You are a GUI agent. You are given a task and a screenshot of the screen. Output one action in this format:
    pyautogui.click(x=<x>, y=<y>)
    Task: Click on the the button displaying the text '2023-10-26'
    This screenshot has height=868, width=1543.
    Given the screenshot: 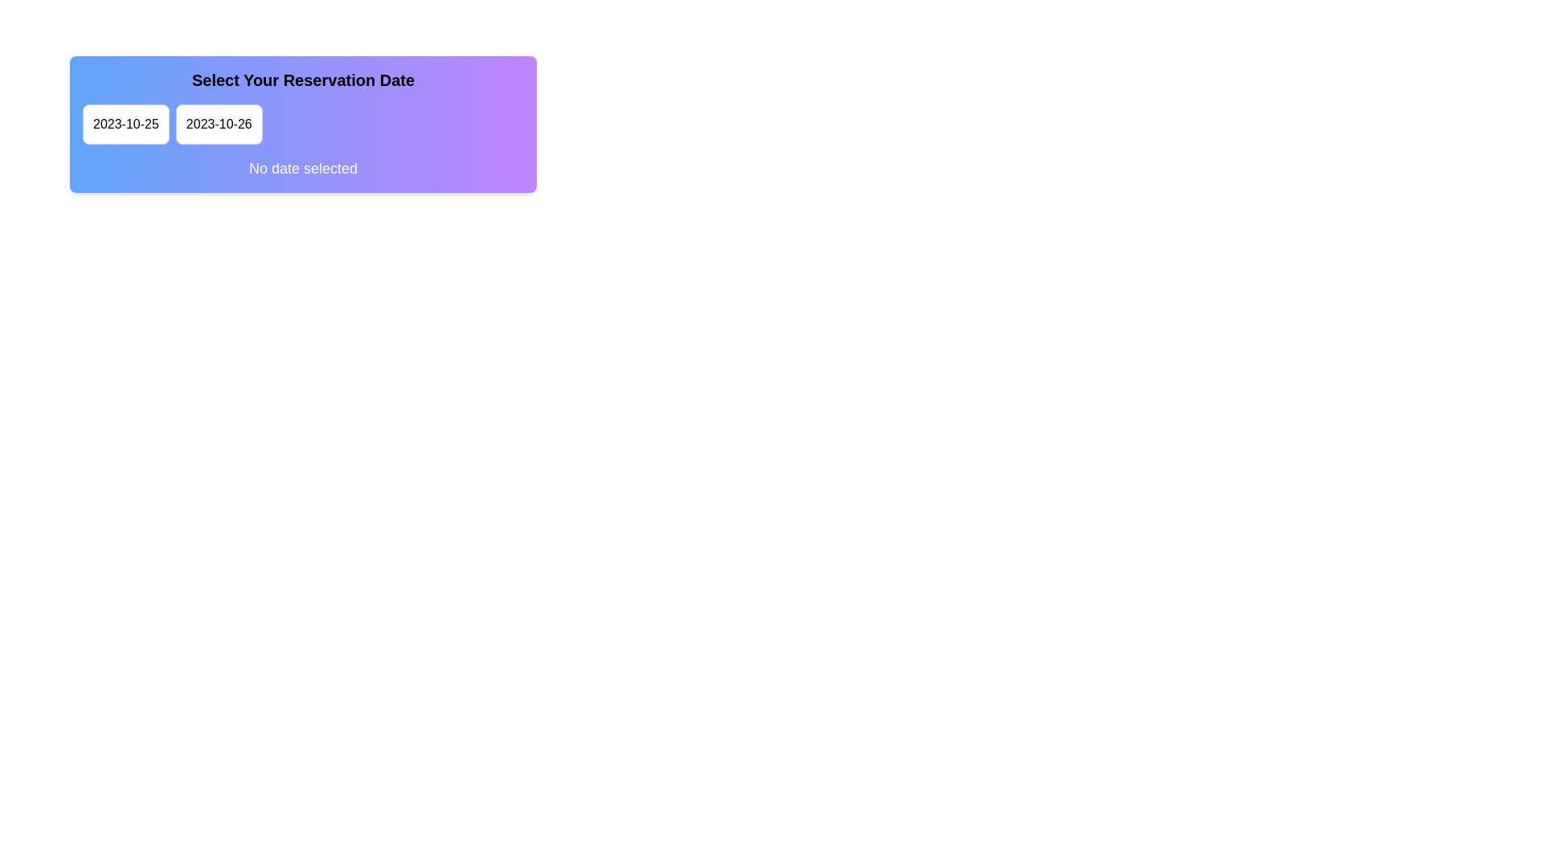 What is the action you would take?
    pyautogui.click(x=218, y=123)
    